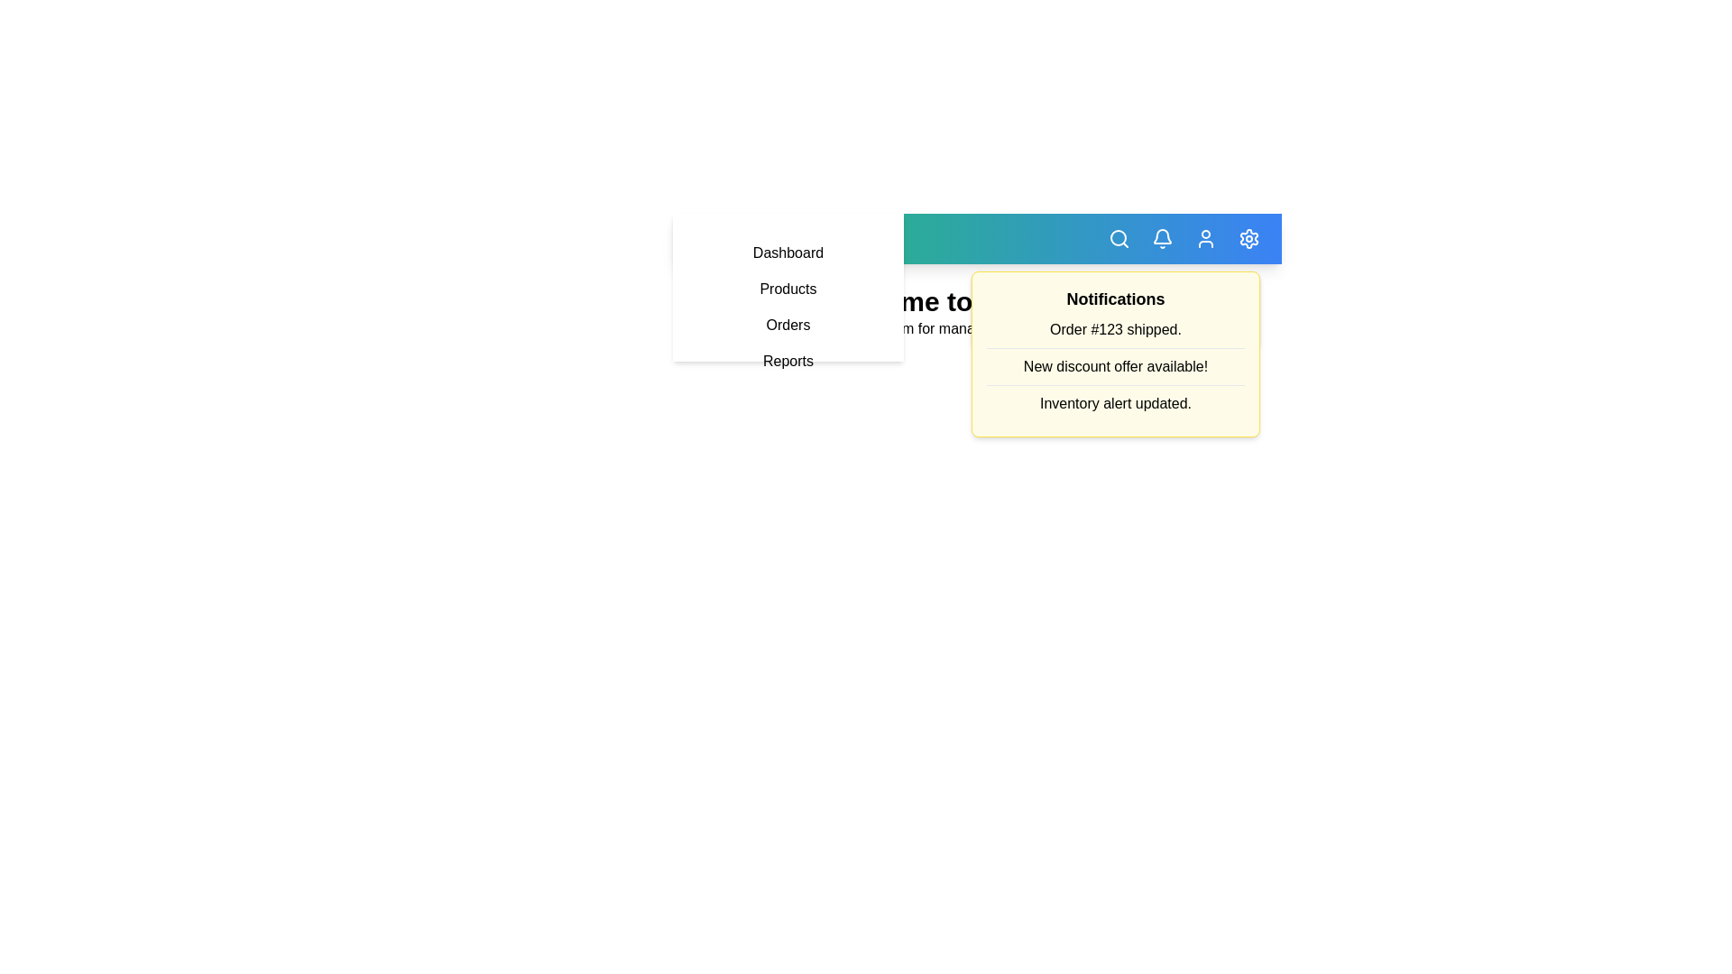  I want to click on the static text notification displaying 'Inventory alert updated.' located in the dropdown box titled 'Notifications', so click(1115, 402).